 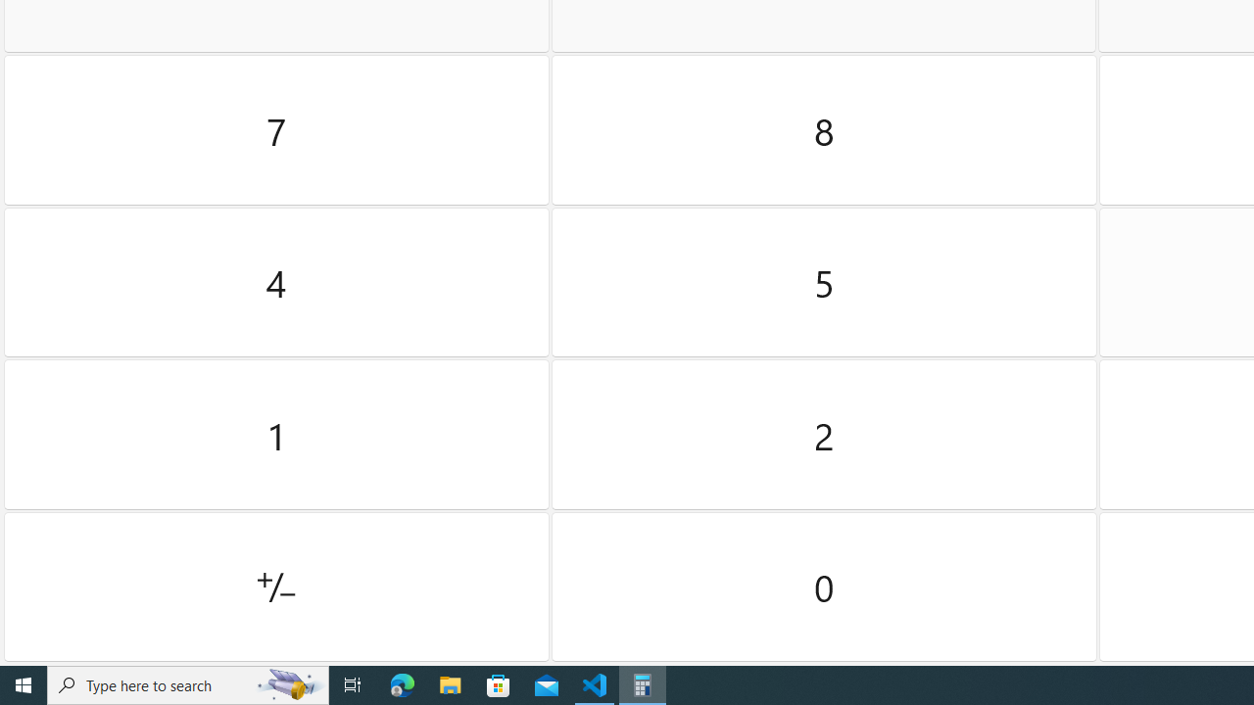 What do you see at coordinates (275, 130) in the screenshot?
I see `'Seven'` at bounding box center [275, 130].